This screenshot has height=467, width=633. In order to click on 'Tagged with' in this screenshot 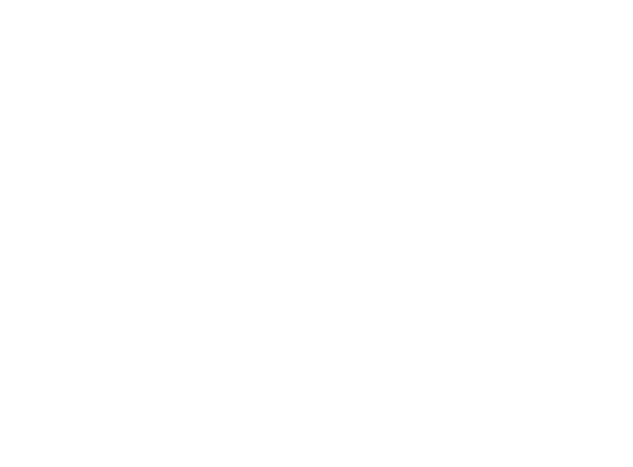, I will do `click(171, 406)`.